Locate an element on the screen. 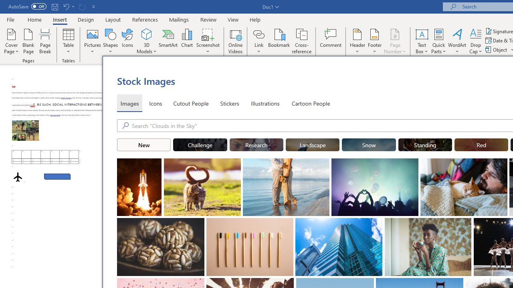  'Rectangle: Diagonal Corners Snipped 2' is located at coordinates (57, 176).